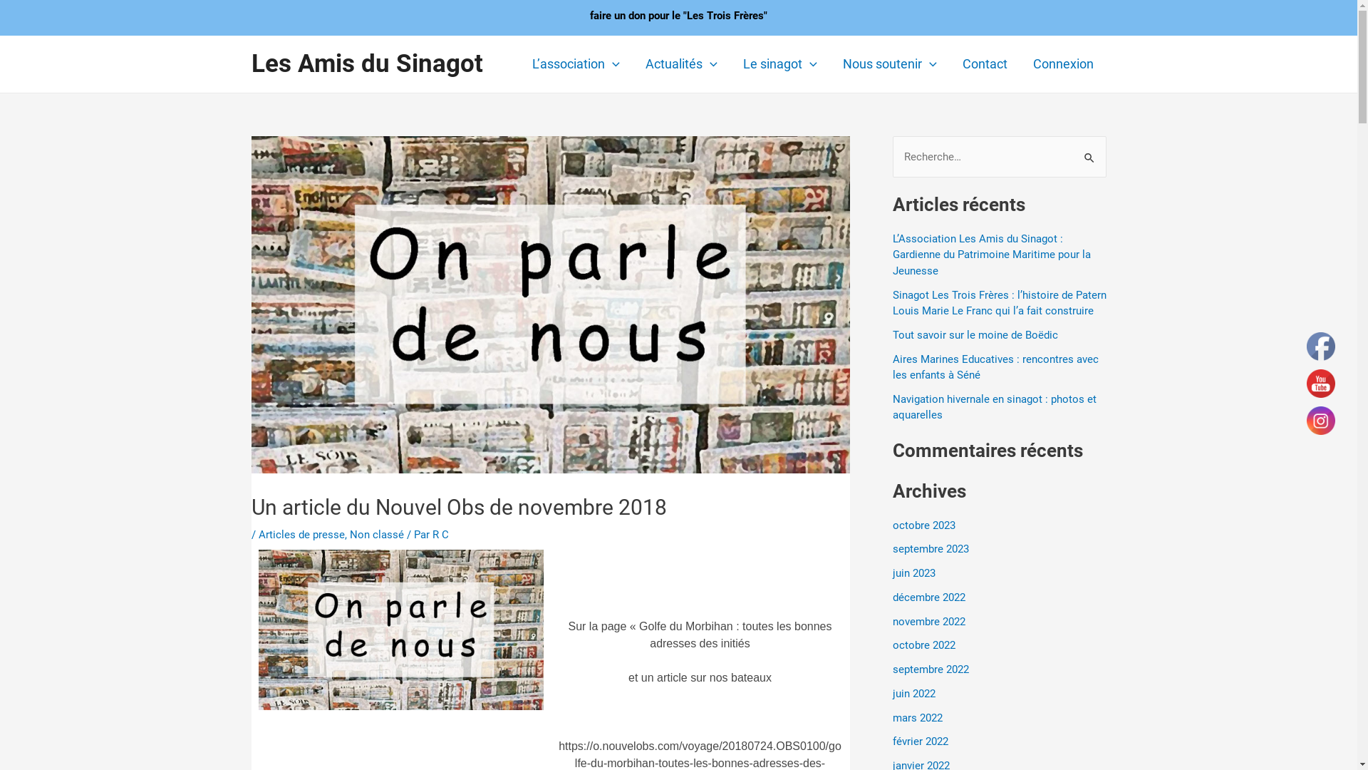  I want to click on 'Connexion', so click(1063, 63).